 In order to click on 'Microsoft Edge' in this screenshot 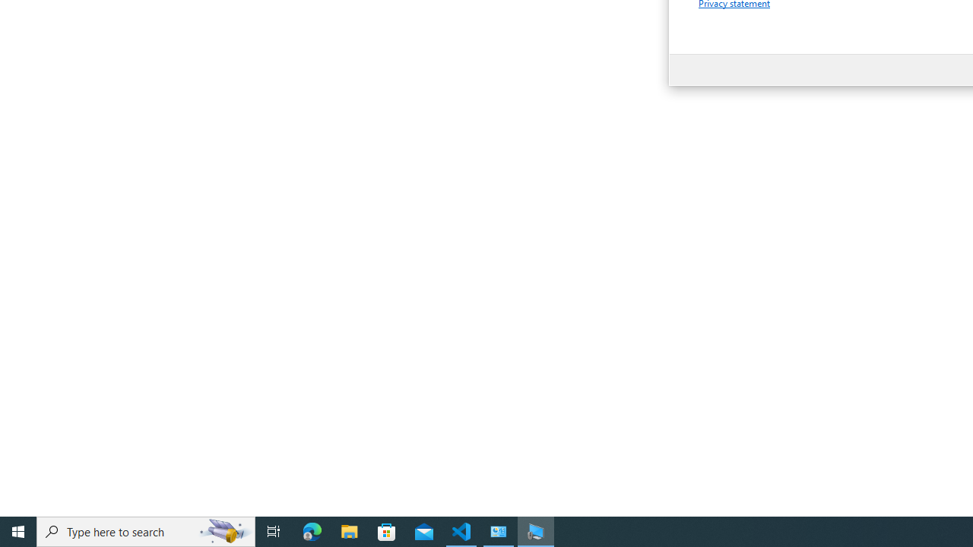, I will do `click(312, 530)`.